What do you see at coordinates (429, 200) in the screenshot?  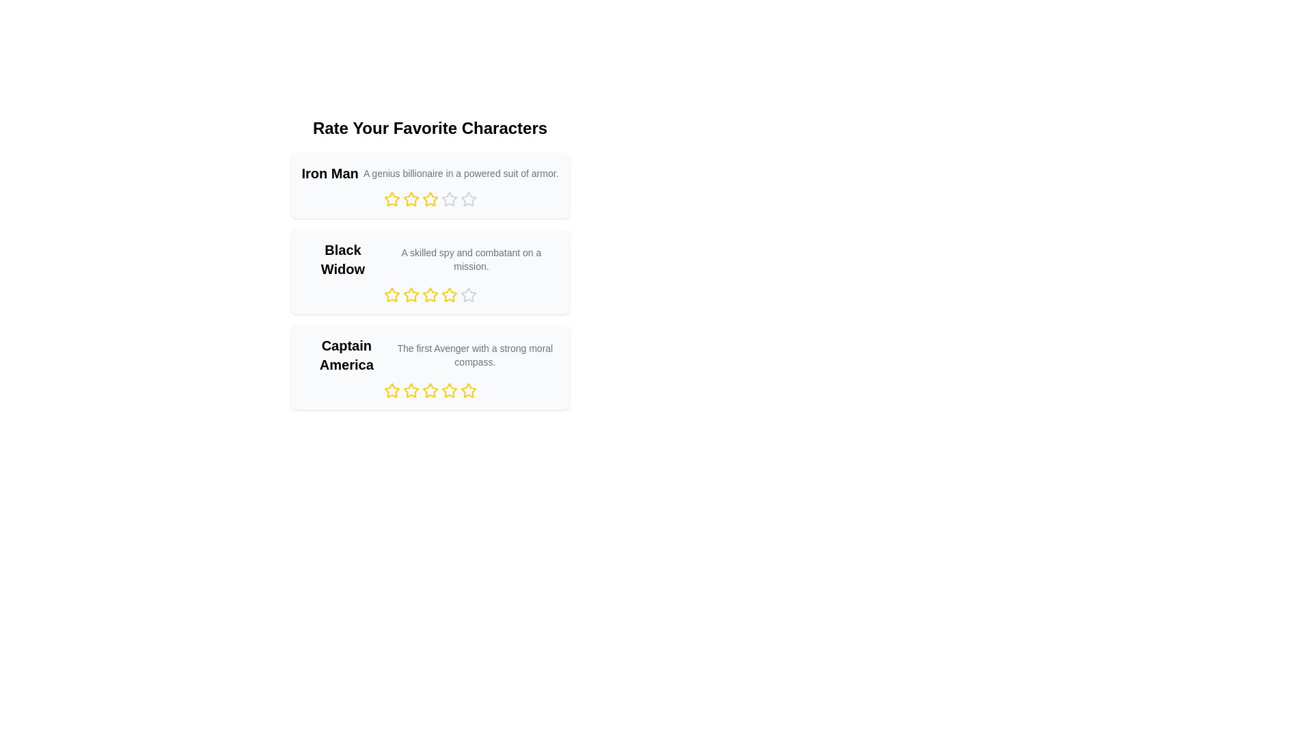 I see `the third star in the row of five stars within the 'Iron Man' card to indicate a rating level associated with it` at bounding box center [429, 200].